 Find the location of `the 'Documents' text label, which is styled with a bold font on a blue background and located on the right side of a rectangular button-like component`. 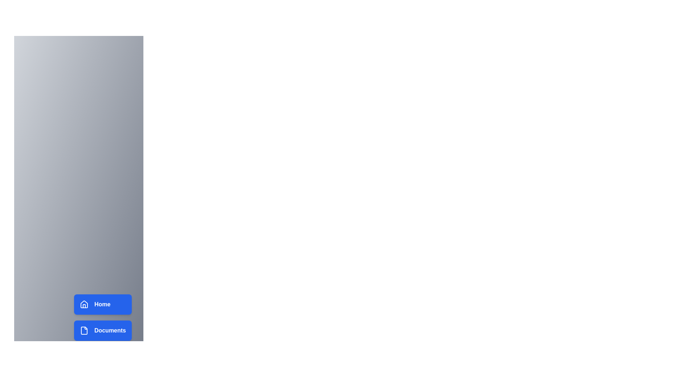

the 'Documents' text label, which is styled with a bold font on a blue background and located on the right side of a rectangular button-like component is located at coordinates (110, 330).